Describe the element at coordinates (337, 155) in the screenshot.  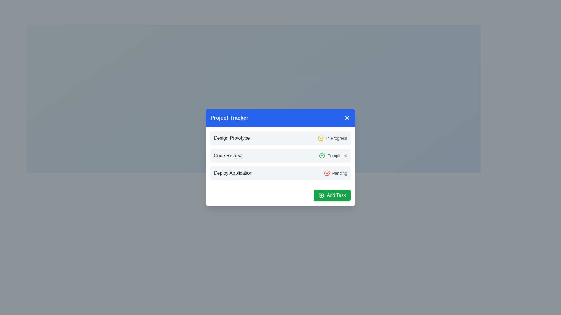
I see `the text label reading 'Completed', which is styled in gray and indicates a status next to a green checkmark icon in the 'Code Review' task interface` at that location.